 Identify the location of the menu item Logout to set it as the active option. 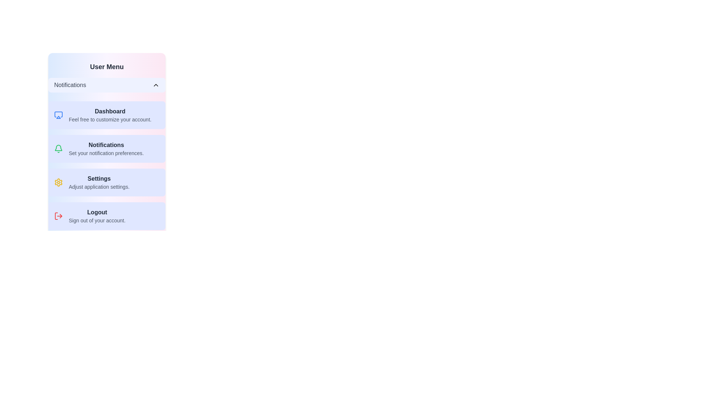
(107, 215).